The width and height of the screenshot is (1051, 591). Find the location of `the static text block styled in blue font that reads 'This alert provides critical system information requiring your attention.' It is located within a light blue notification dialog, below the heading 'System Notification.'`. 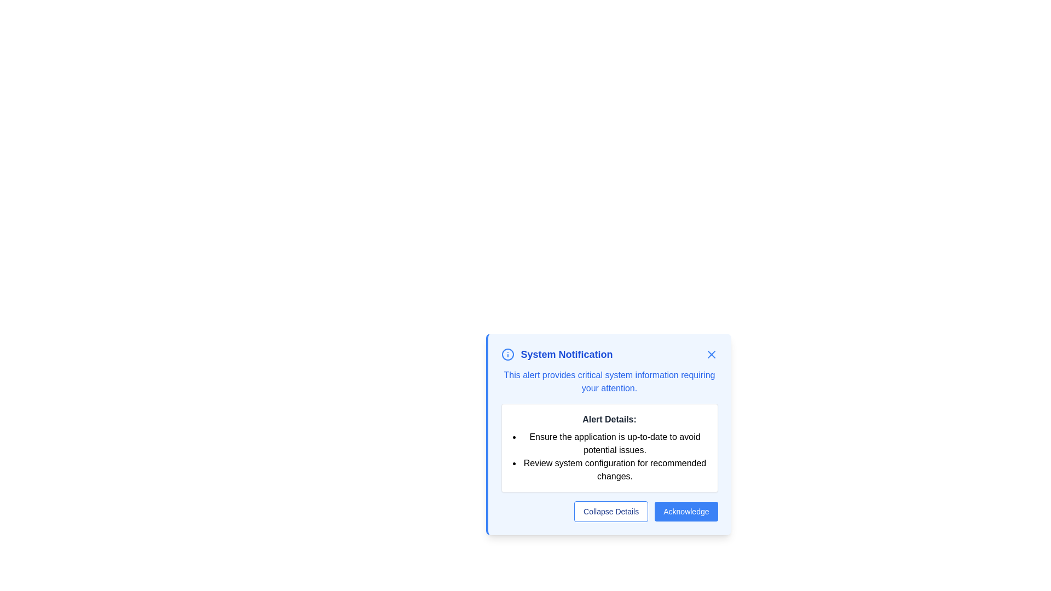

the static text block styled in blue font that reads 'This alert provides critical system information requiring your attention.' It is located within a light blue notification dialog, below the heading 'System Notification.' is located at coordinates (609, 381).